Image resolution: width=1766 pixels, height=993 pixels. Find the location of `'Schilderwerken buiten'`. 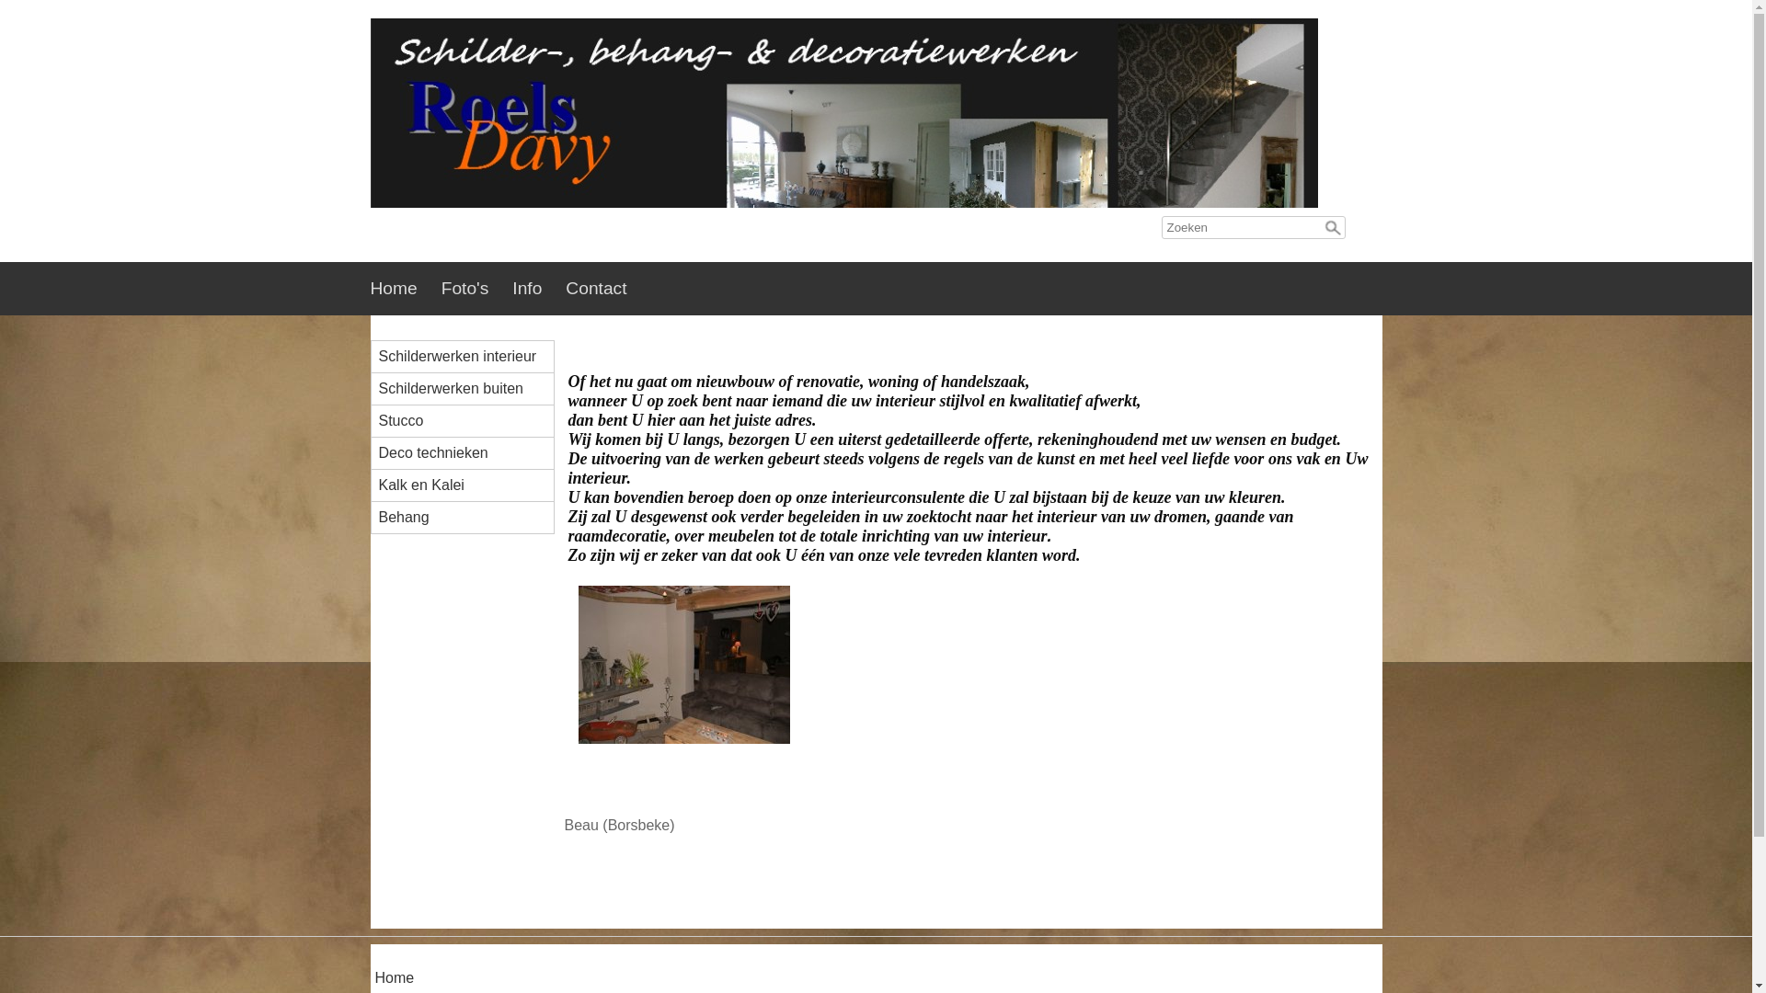

'Schilderwerken buiten' is located at coordinates (469, 388).